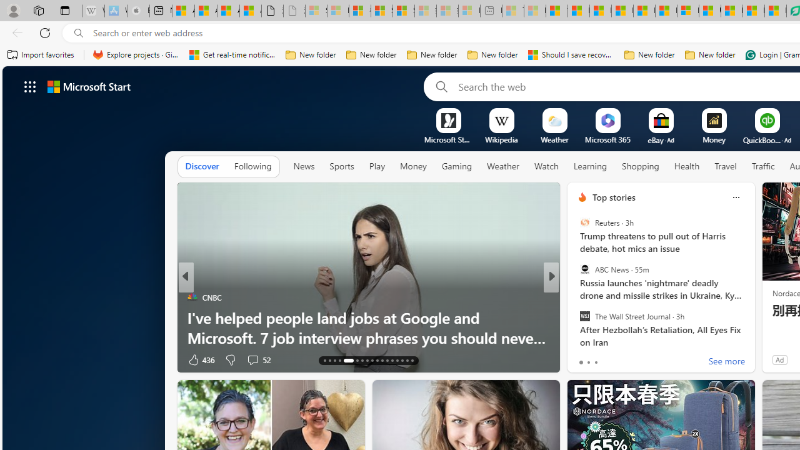  What do you see at coordinates (584, 222) in the screenshot?
I see `'Reuters'` at bounding box center [584, 222].